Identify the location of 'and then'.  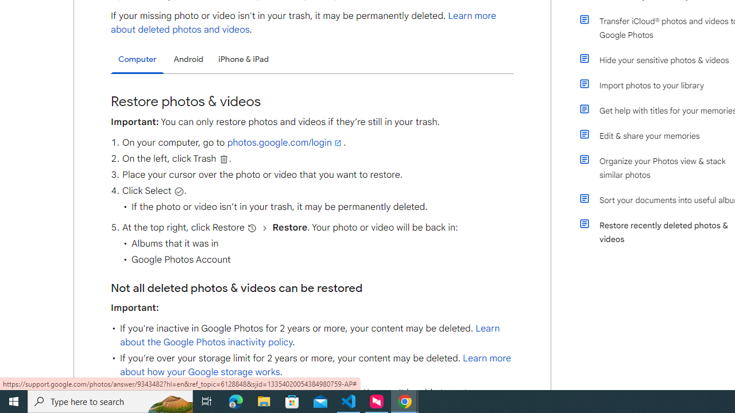
(264, 228).